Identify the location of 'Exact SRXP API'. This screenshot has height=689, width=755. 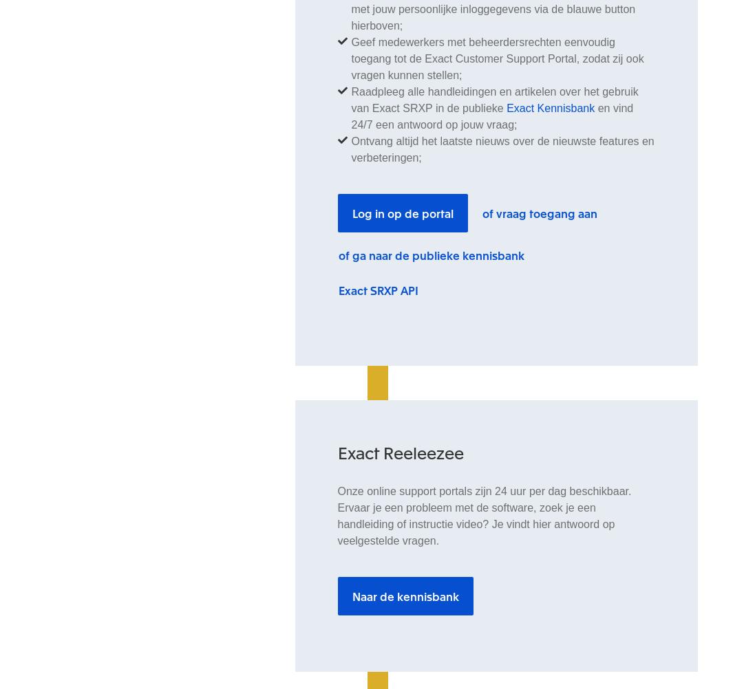
(377, 289).